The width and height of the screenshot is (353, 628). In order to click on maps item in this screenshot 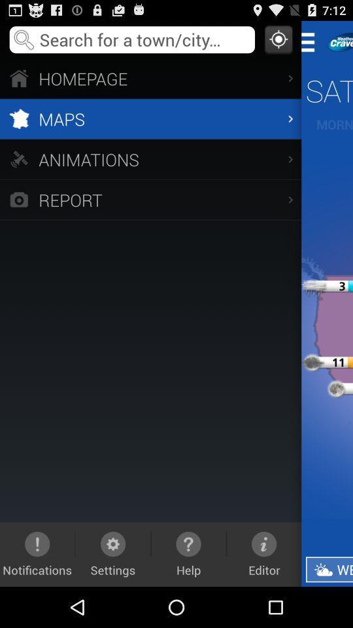, I will do `click(150, 118)`.